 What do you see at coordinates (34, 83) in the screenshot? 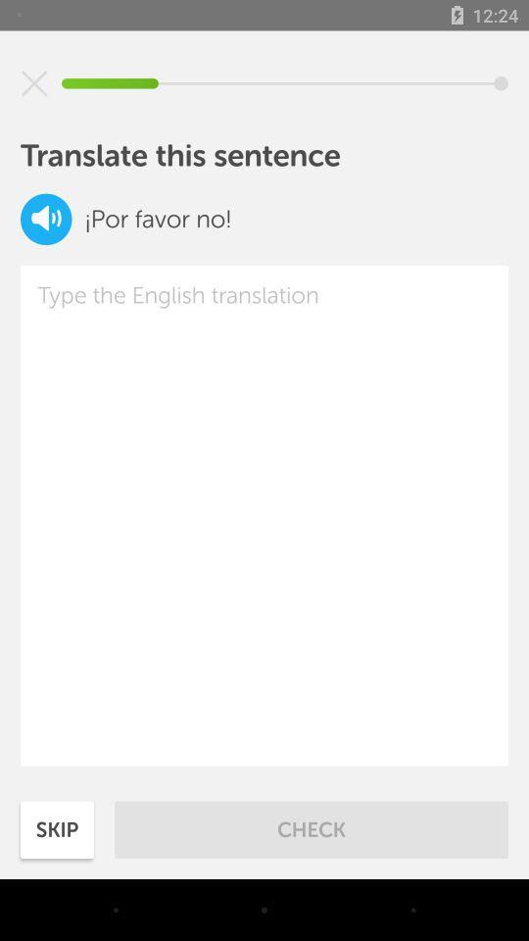
I see `the item above the translate this sentence` at bounding box center [34, 83].